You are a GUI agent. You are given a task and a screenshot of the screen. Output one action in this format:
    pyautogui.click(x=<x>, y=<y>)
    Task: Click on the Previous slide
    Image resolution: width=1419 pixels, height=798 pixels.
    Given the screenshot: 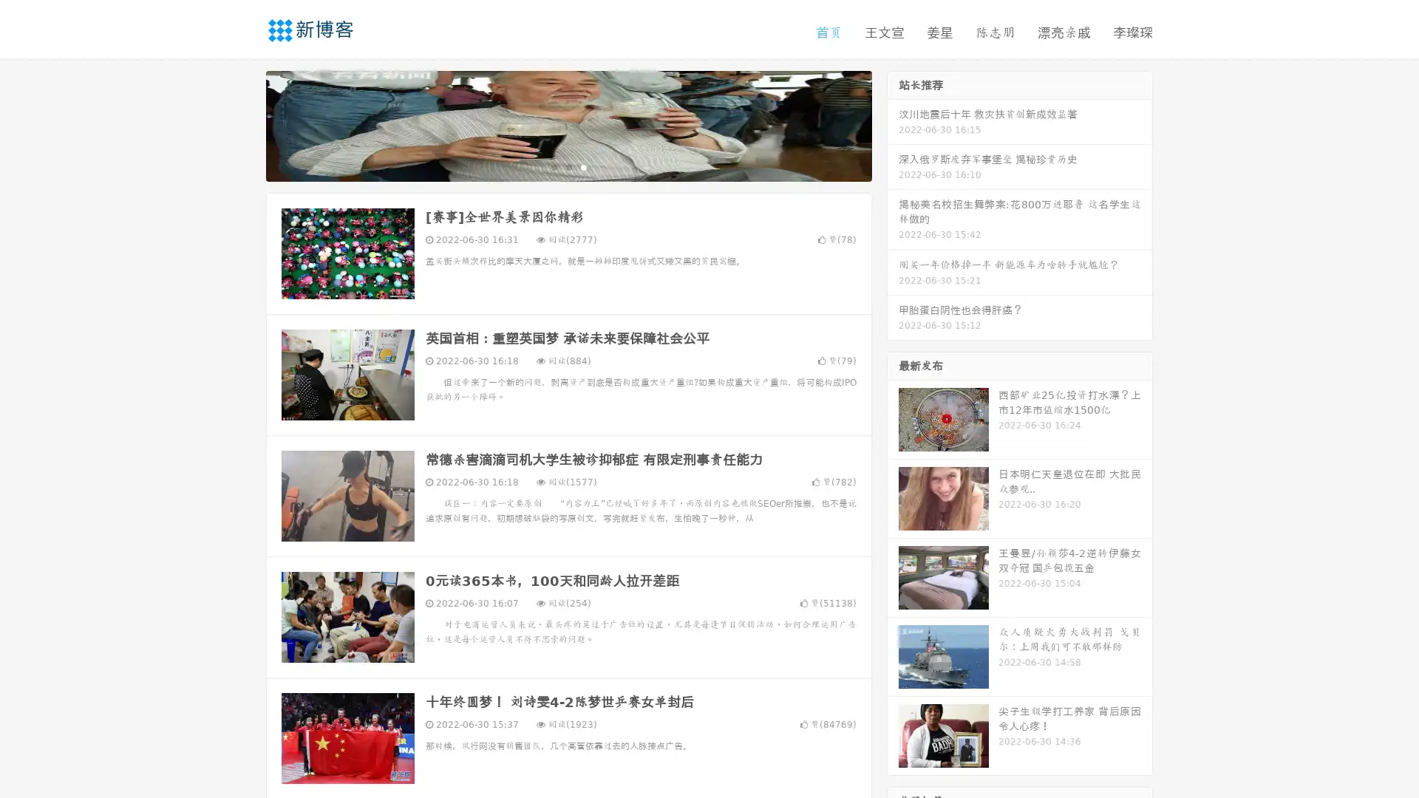 What is the action you would take?
    pyautogui.click(x=244, y=124)
    